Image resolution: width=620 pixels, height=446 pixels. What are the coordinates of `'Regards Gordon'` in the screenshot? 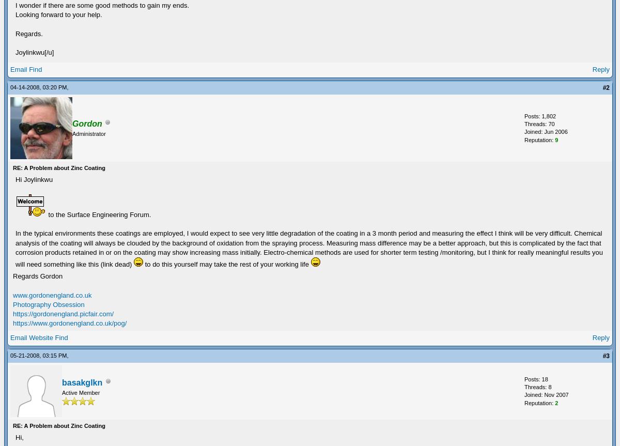 It's located at (12, 276).